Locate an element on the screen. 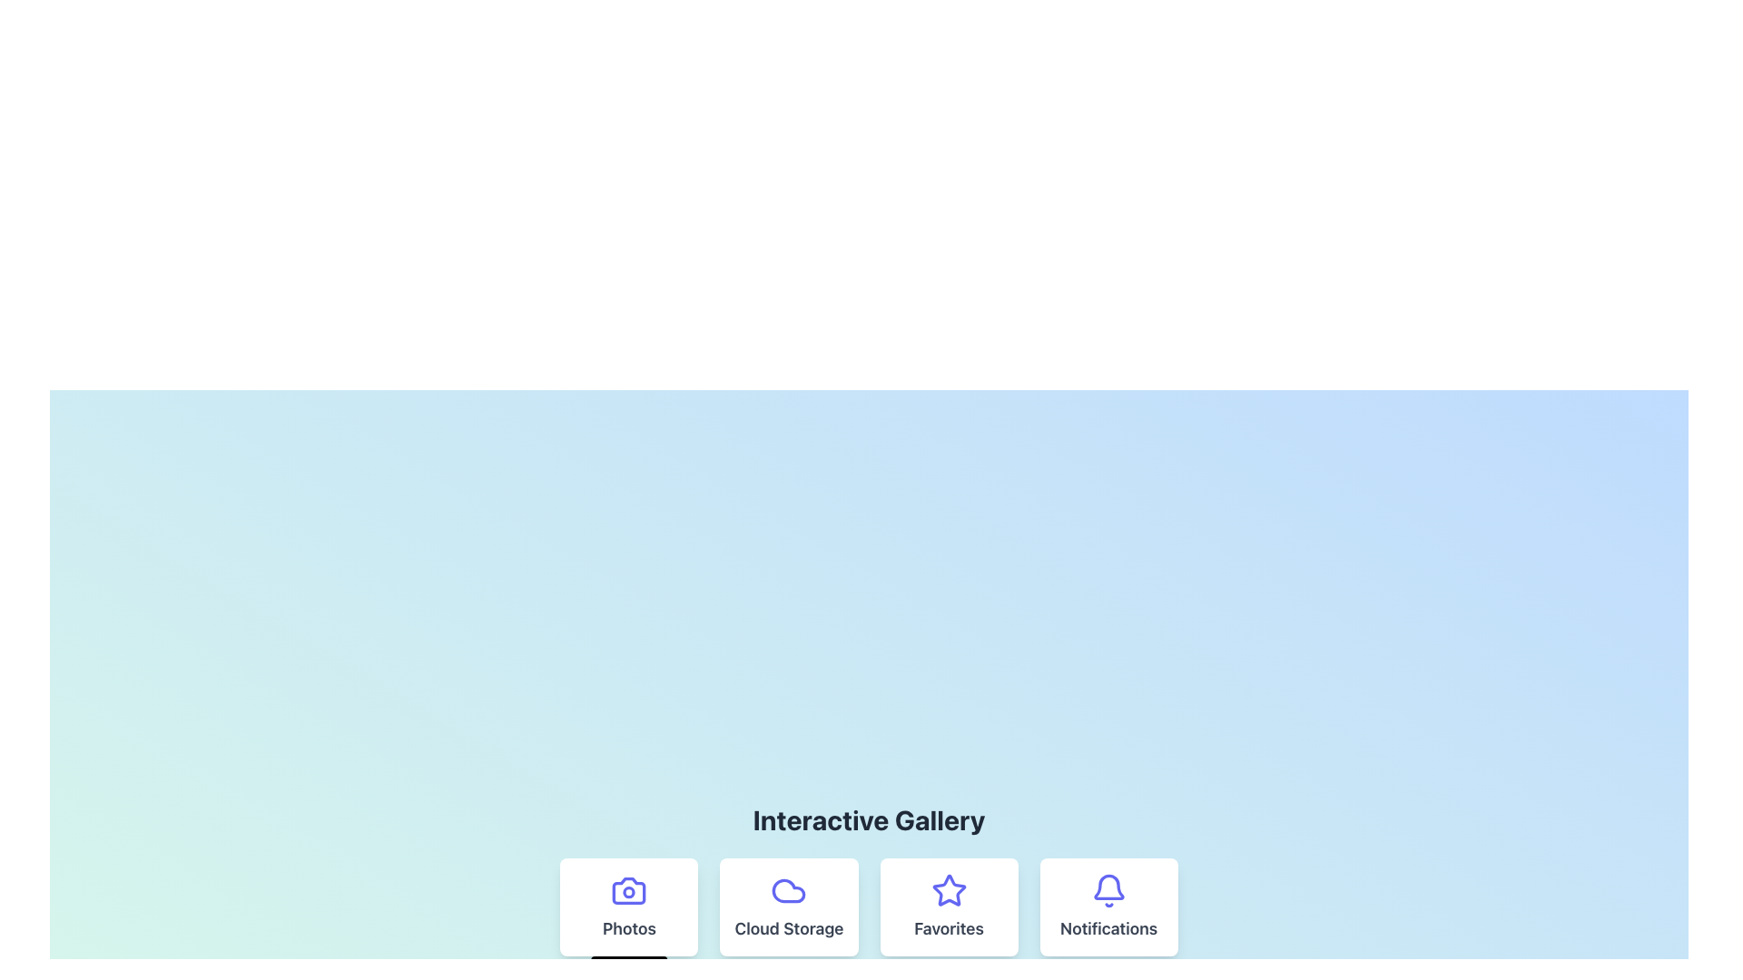 This screenshot has height=980, width=1743. the 'Favorites' text label, which is styled in bold dark gray font and is the third element from the left in a group of horizontally aligned containers at the bottom of the interface is located at coordinates (948, 928).